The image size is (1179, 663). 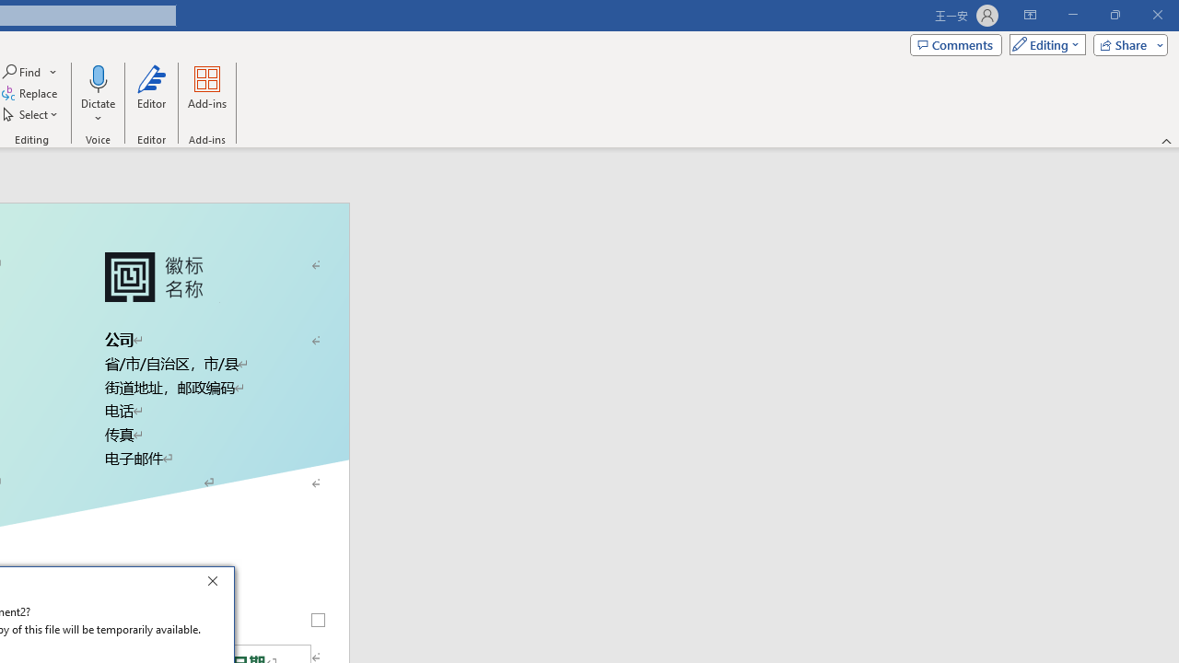 I want to click on 'Comments', so click(x=956, y=43).